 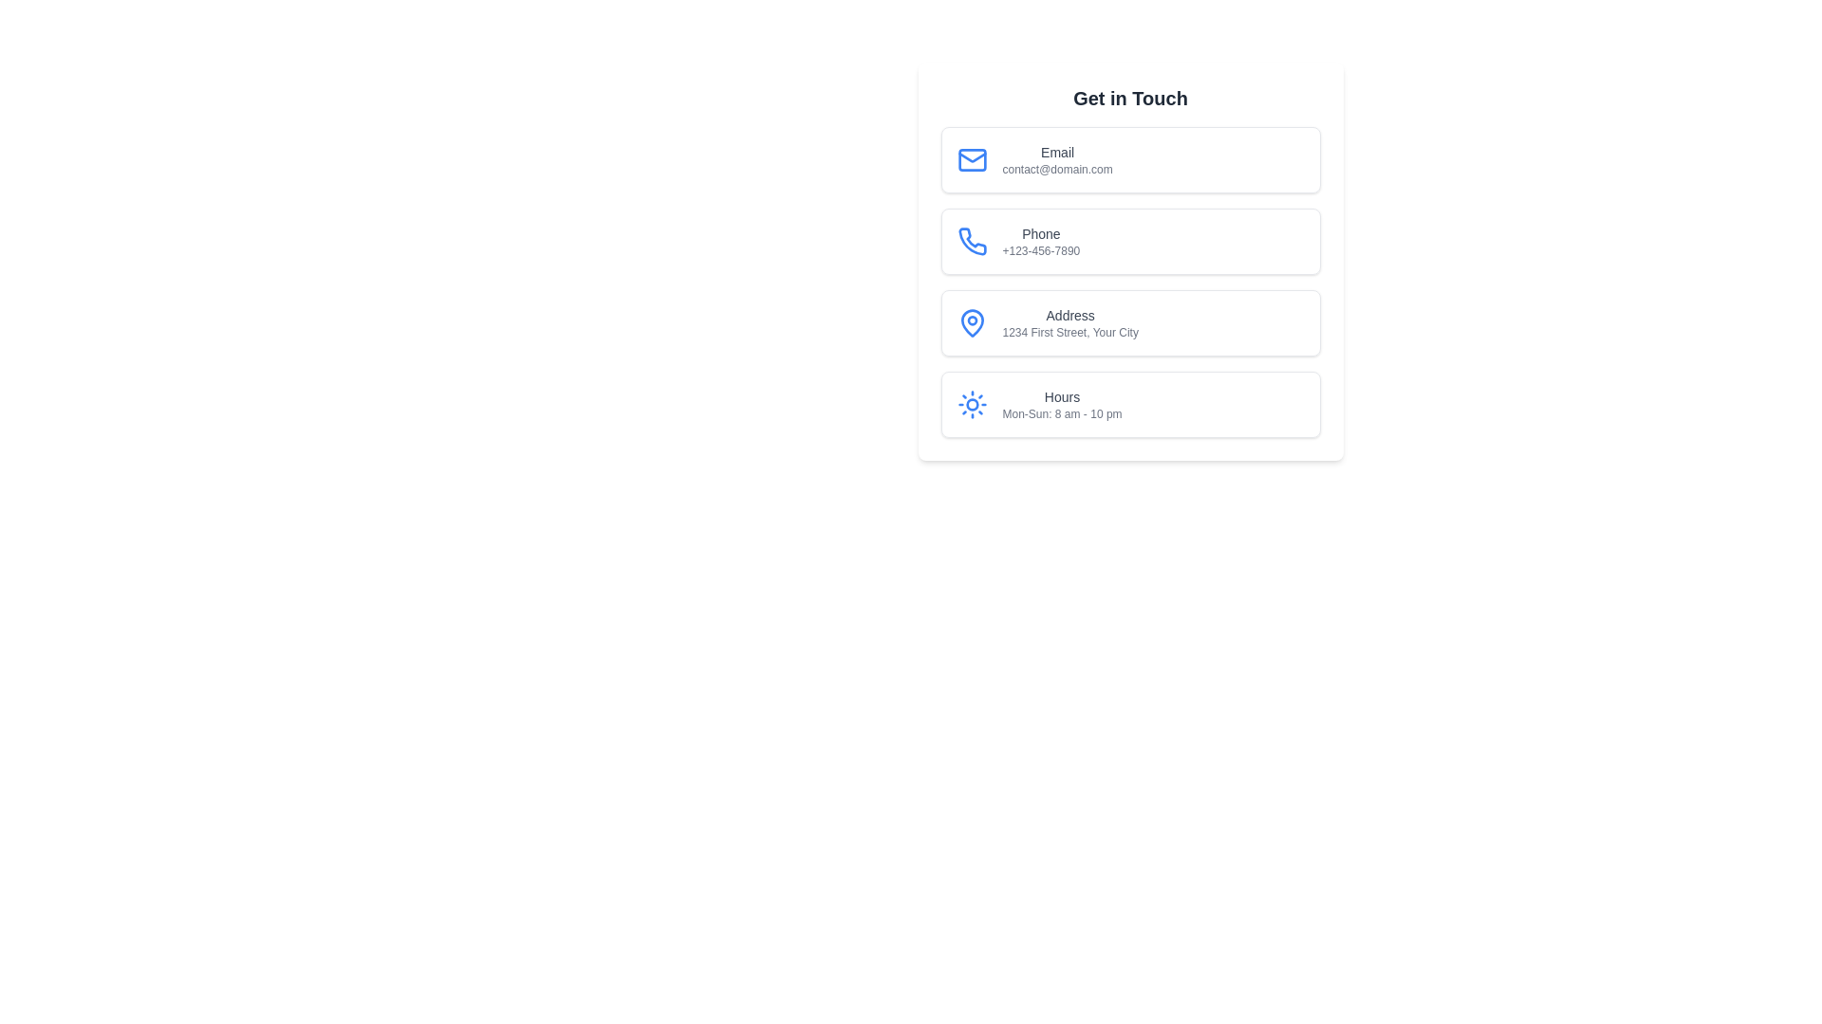 What do you see at coordinates (1056, 152) in the screenshot?
I see `the 'Email' label located in the 'Get in Touch' section, which is styled with a small gray font and positioned above the email address 'contact@domain.com'` at bounding box center [1056, 152].